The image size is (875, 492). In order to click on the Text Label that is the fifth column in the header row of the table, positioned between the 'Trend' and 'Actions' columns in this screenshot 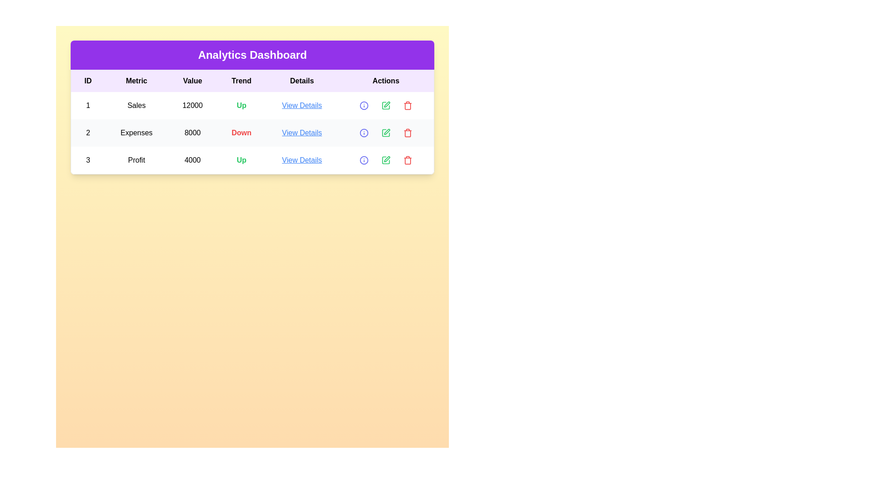, I will do `click(302, 80)`.